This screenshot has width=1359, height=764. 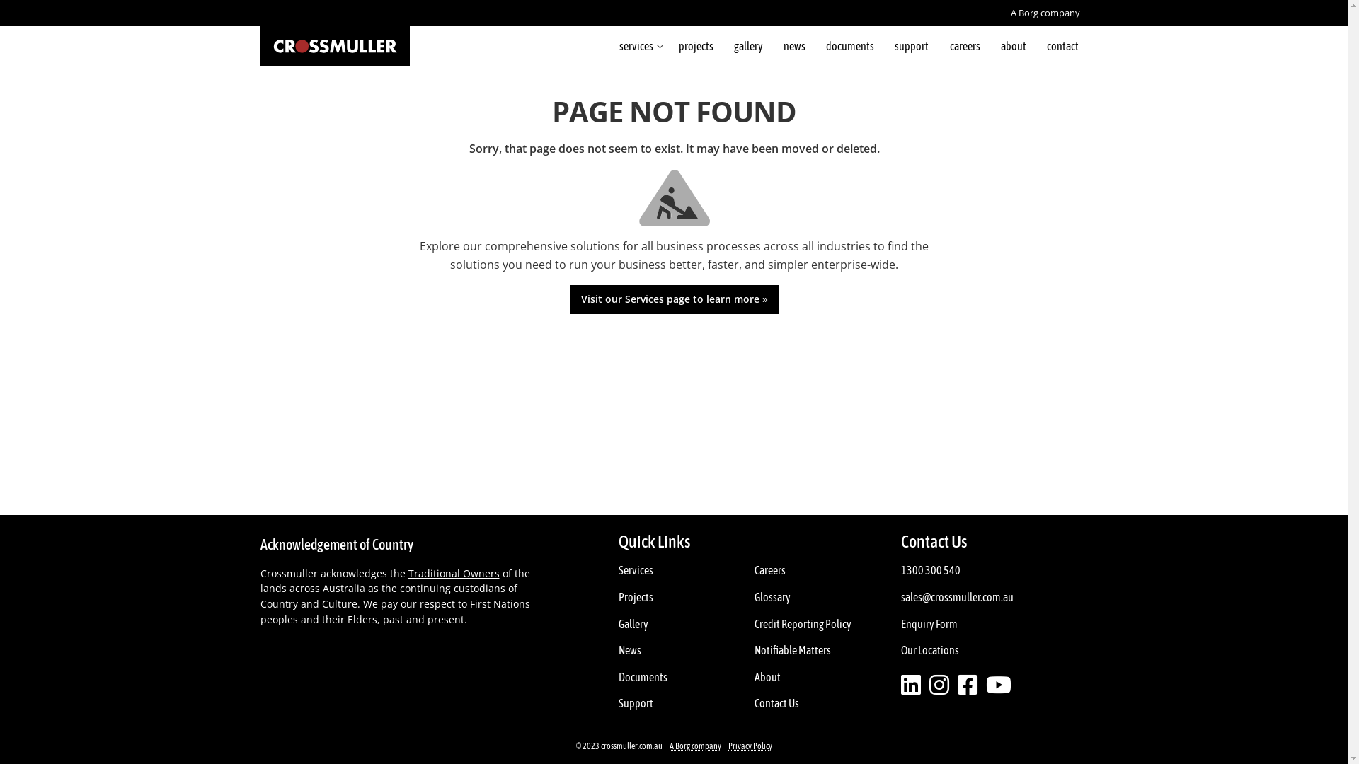 I want to click on 'Projects', so click(x=614, y=597).